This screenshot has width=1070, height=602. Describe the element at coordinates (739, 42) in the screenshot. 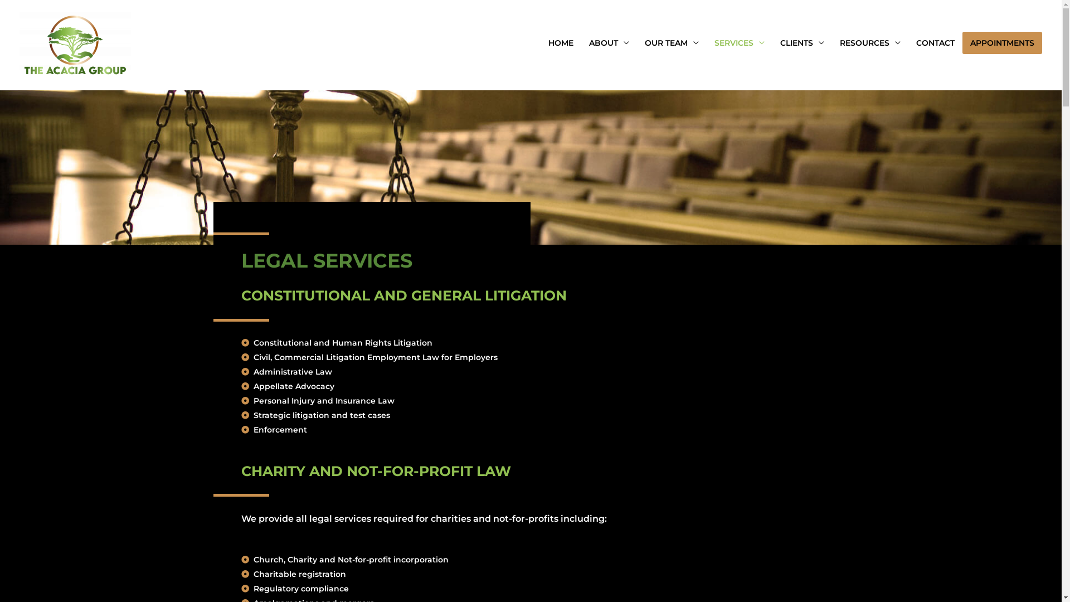

I see `'SERVICES'` at that location.